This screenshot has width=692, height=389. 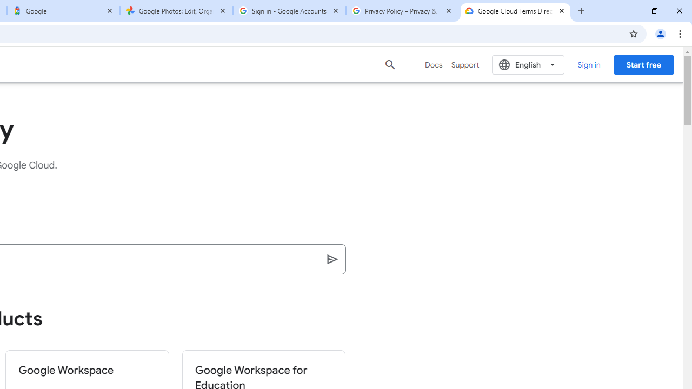 What do you see at coordinates (643, 64) in the screenshot?
I see `'Start free'` at bounding box center [643, 64].